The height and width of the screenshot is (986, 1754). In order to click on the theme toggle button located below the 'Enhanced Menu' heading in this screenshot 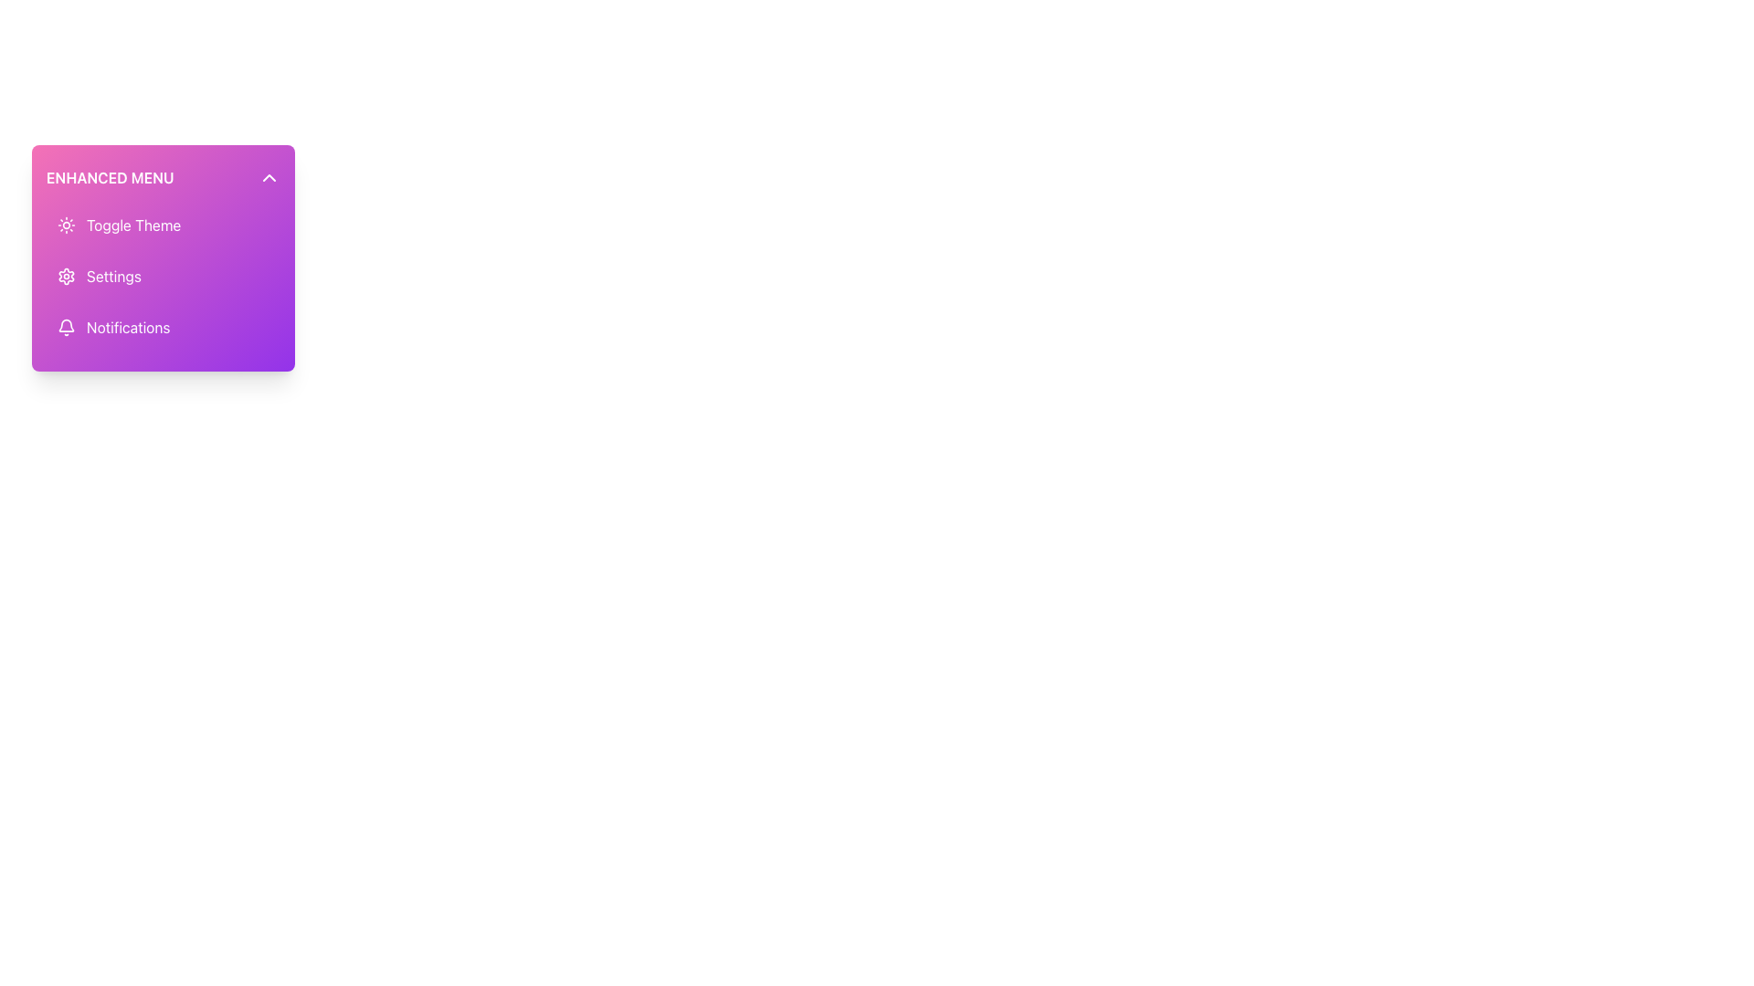, I will do `click(163, 224)`.